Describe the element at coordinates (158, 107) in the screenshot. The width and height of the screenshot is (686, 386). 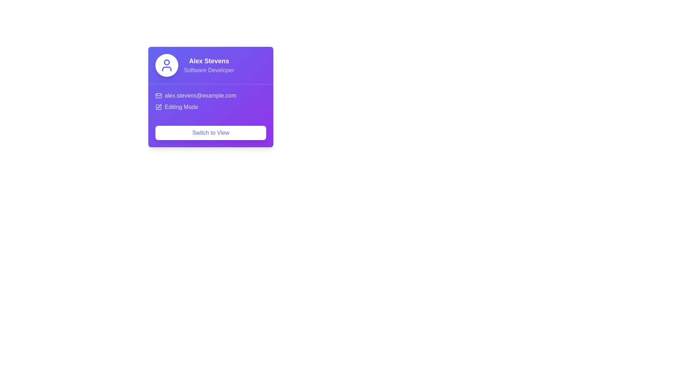
I see `the editing icon represented by a pen inside a square, which is located to the left of the 'Editing Mode' label in the card interface` at that location.